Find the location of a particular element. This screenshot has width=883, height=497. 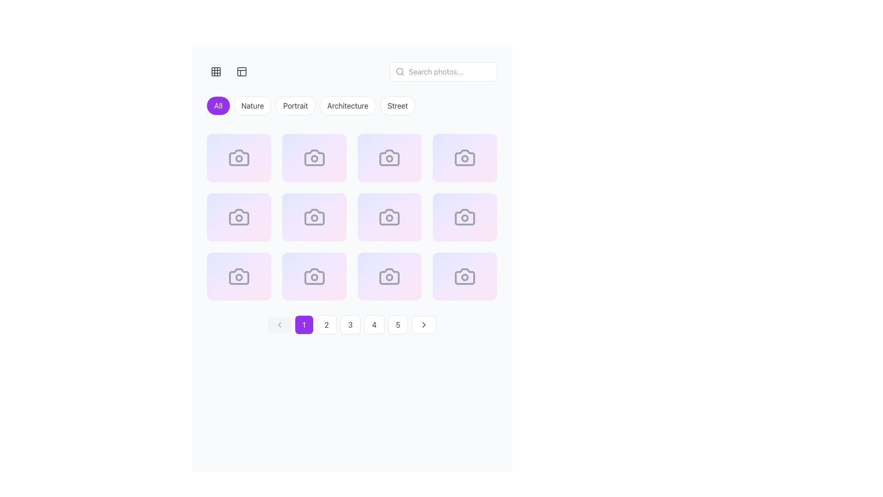

the Icon Button located in the upper-left region of the interface is located at coordinates (216, 71).